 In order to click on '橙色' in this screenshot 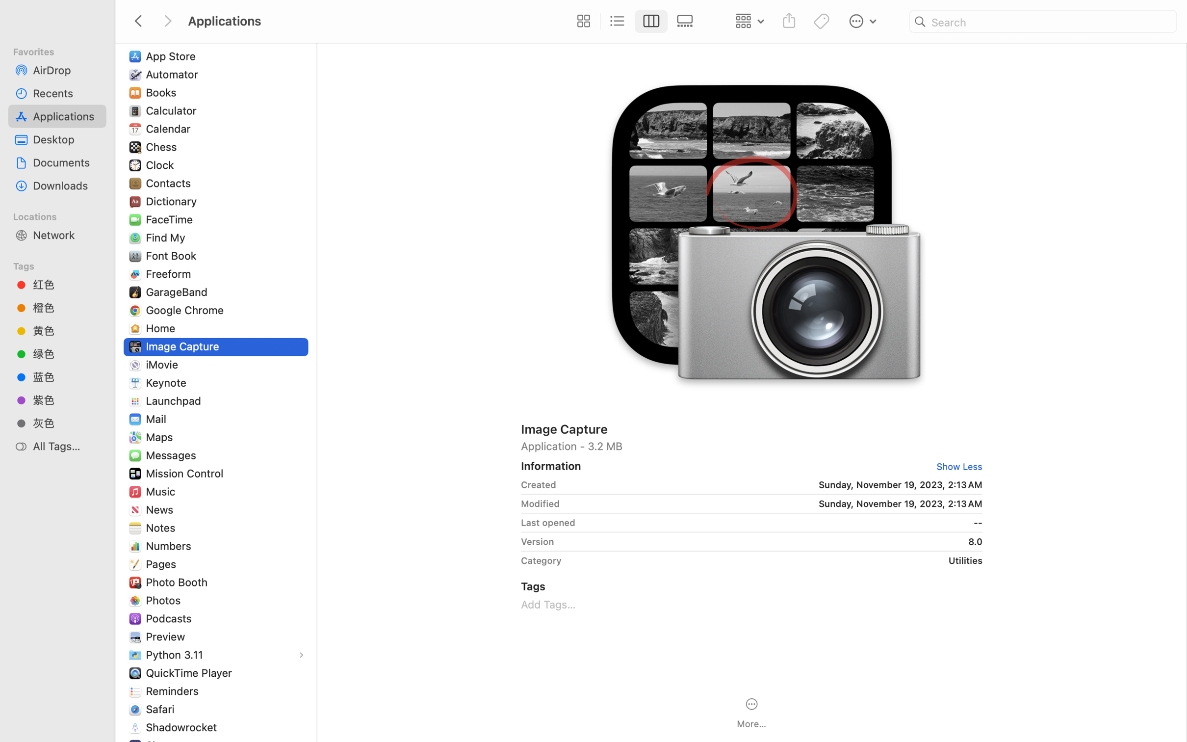, I will do `click(66, 307)`.